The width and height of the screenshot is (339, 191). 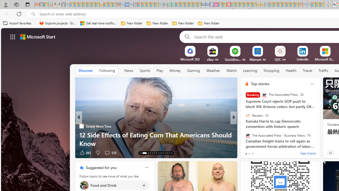 What do you see at coordinates (283, 5) in the screenshot?
I see `'Expert Portfolios - Sleeping'` at bounding box center [283, 5].